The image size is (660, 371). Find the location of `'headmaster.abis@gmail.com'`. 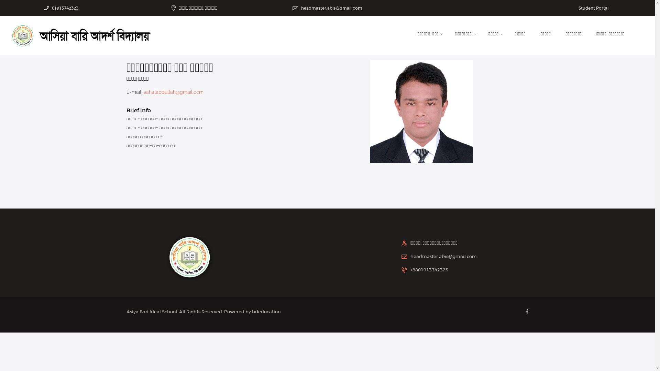

'headmaster.abis@gmail.com' is located at coordinates (410, 256).